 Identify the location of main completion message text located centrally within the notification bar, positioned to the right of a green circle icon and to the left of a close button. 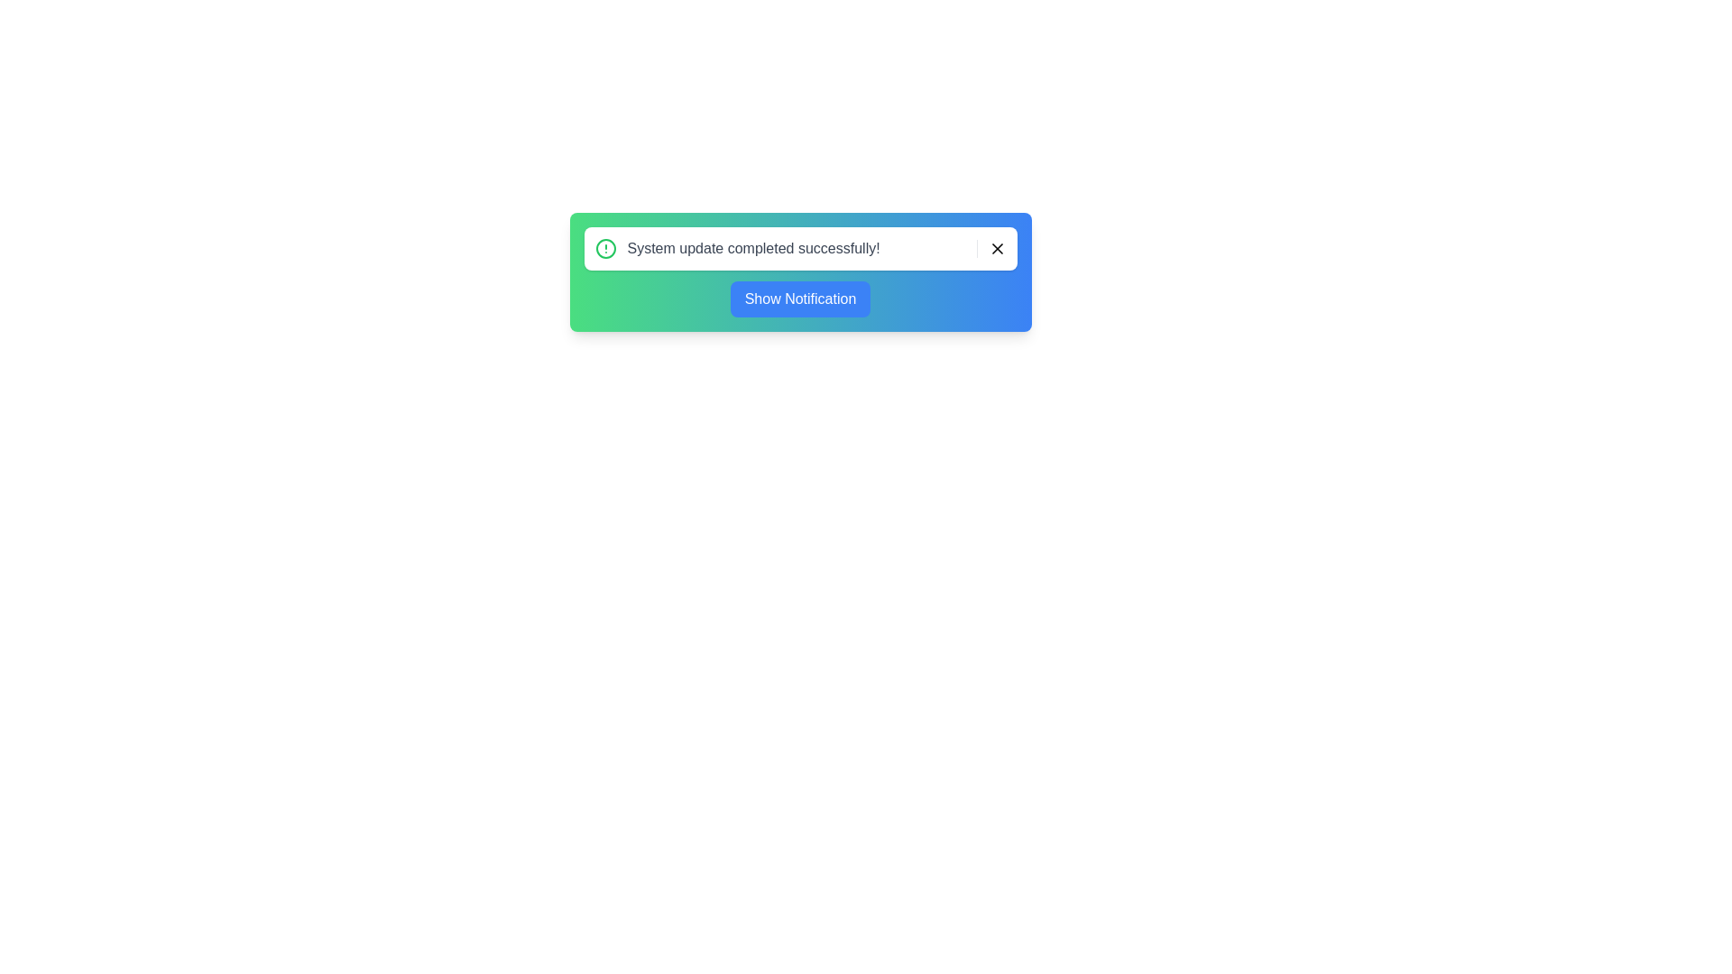
(753, 249).